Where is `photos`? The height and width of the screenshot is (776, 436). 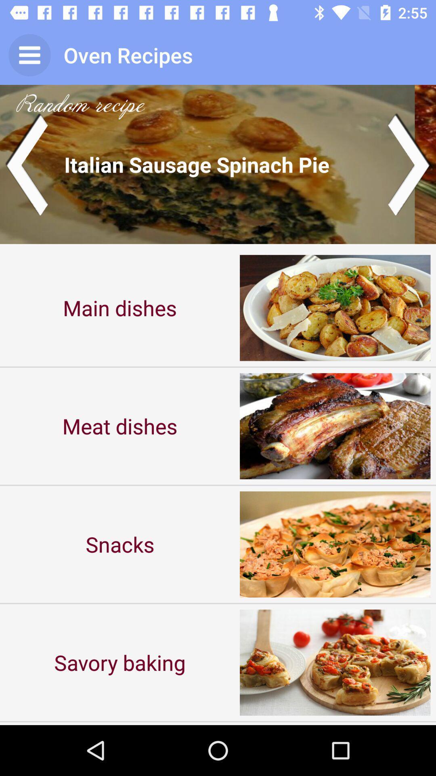 photos is located at coordinates (218, 164).